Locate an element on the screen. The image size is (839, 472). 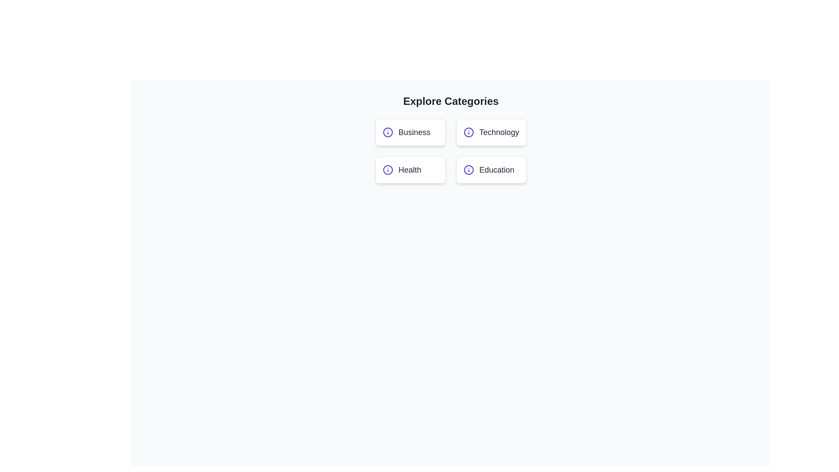
the 'Business' category selection card located in the top-left quadrant of the grid is located at coordinates (410, 132).